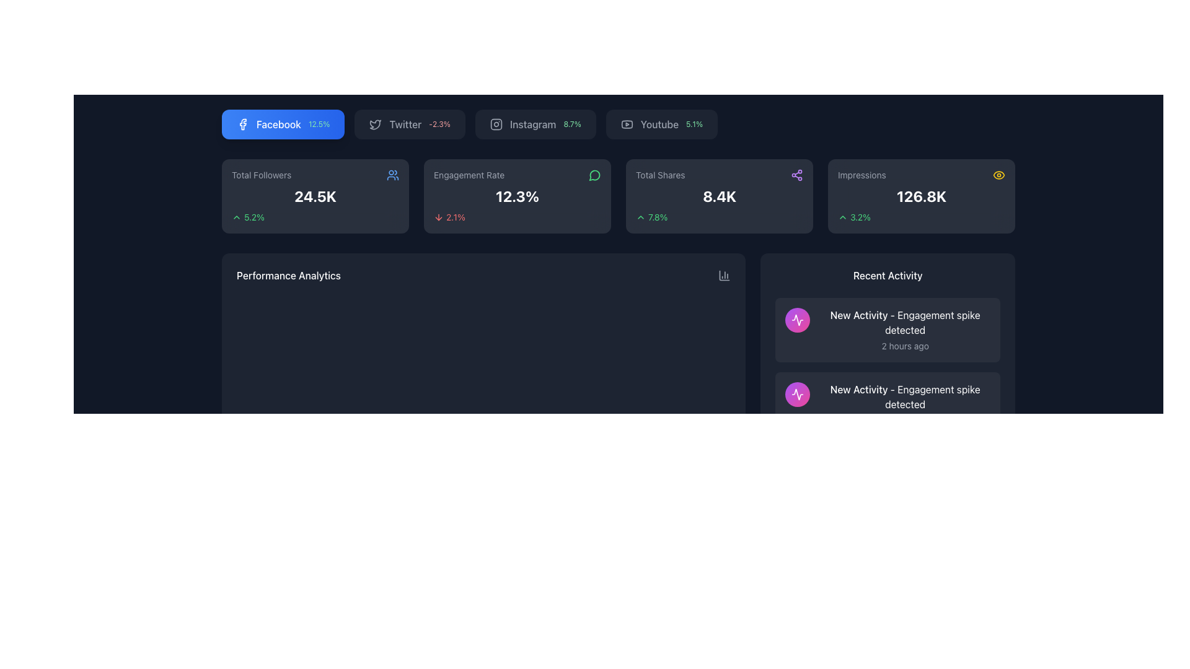  Describe the element at coordinates (535, 124) in the screenshot. I see `the 'Instagram' button, which displays the text 'Instagram' in medium font and '8.7%' in green font, located third from the left among four social media platform buttons` at that location.